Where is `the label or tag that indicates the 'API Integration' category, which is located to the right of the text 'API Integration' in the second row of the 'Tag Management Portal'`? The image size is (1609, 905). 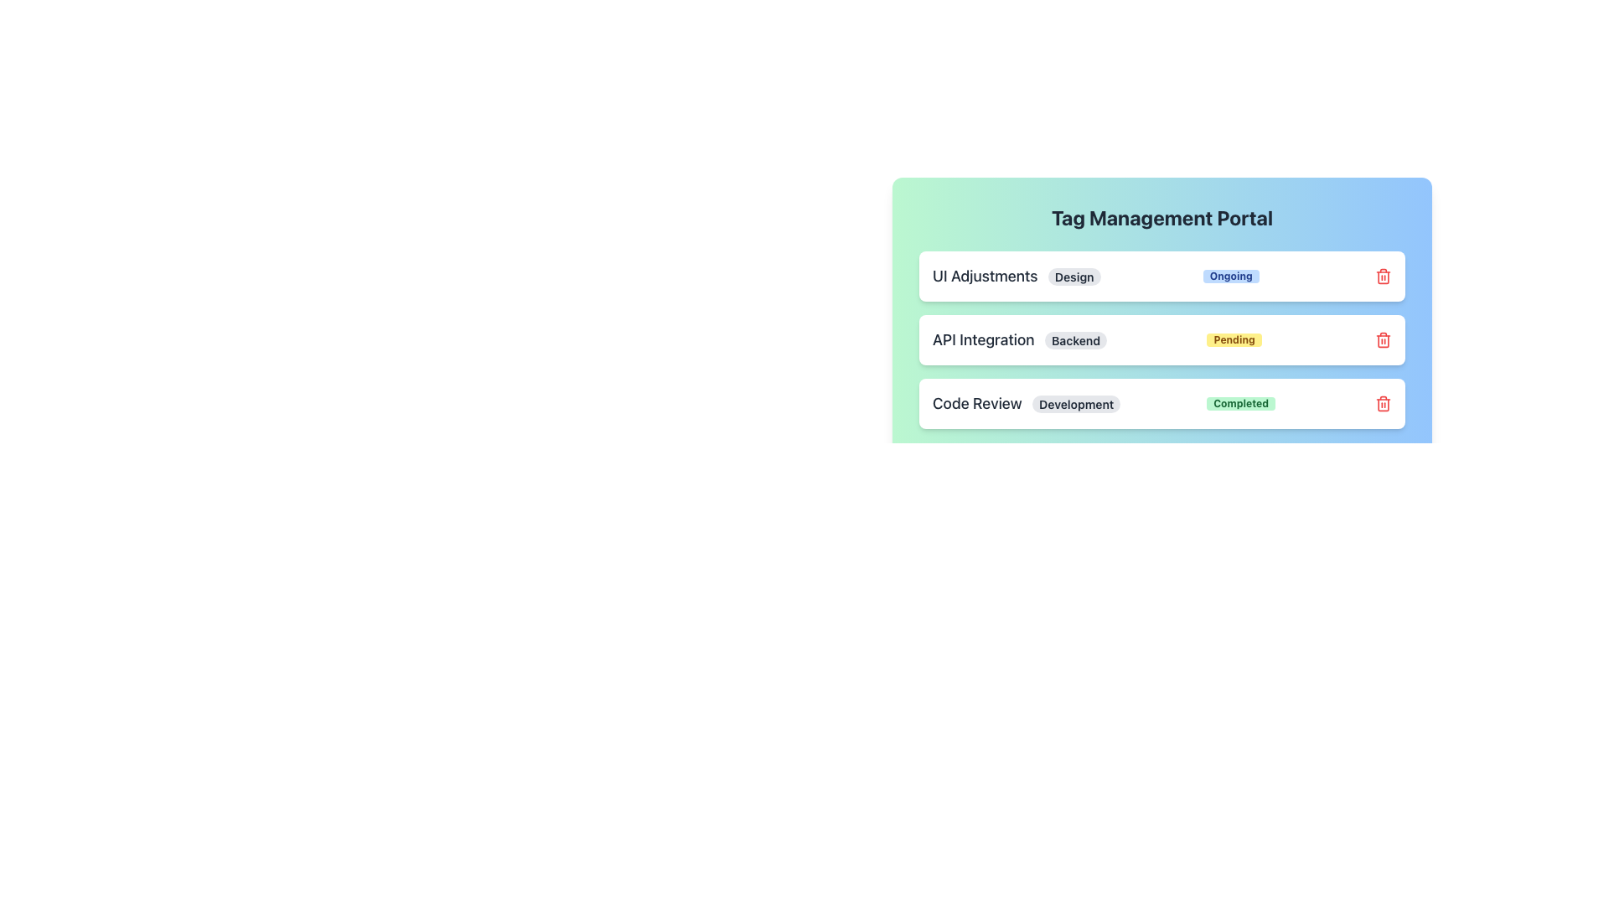
the label or tag that indicates the 'API Integration' category, which is located to the right of the text 'API Integration' in the second row of the 'Tag Management Portal' is located at coordinates (1076, 339).